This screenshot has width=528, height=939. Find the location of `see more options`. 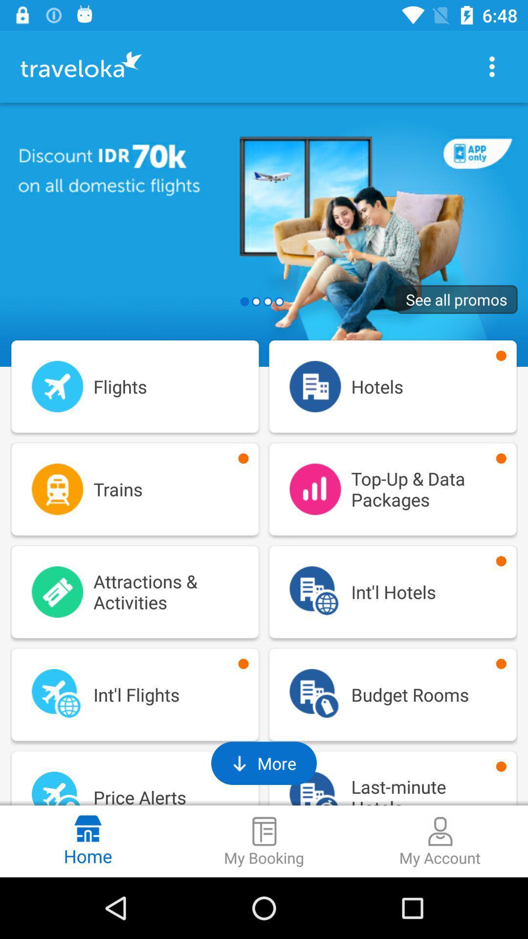

see more options is located at coordinates (492, 66).